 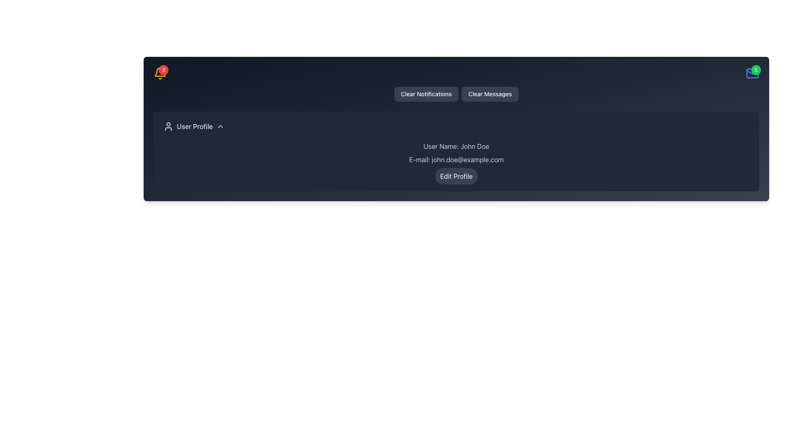 I want to click on the static text label displaying the user's email address, which is positioned beneath the 'User Name: John Doe' text and above the 'Edit Profile' button, so click(x=456, y=160).